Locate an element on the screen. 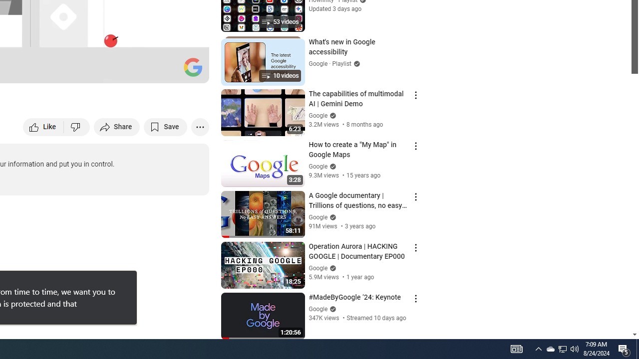 The image size is (639, 359). 'Share' is located at coordinates (117, 126).